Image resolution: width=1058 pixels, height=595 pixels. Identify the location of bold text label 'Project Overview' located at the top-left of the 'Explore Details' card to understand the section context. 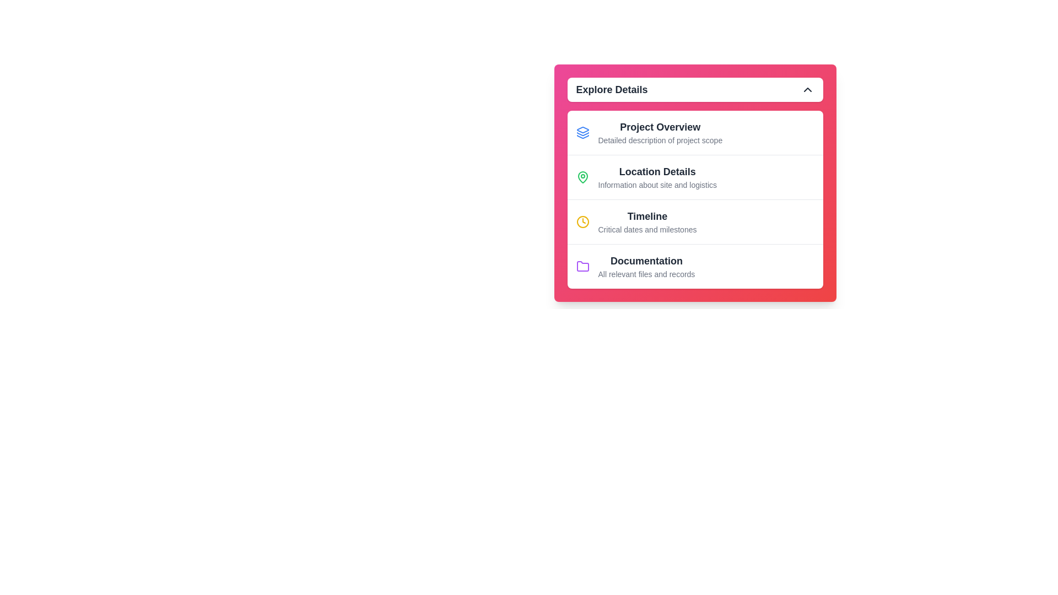
(660, 127).